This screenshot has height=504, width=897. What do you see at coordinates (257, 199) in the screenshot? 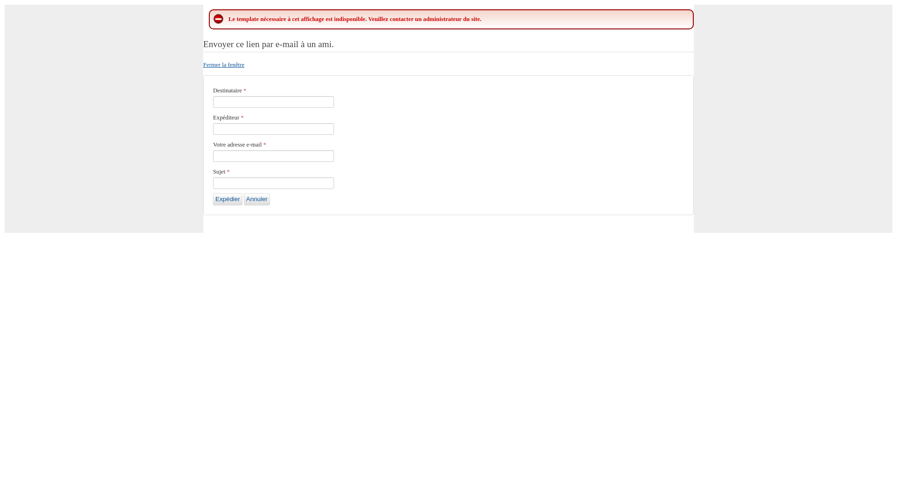
I see `'Annuler'` at bounding box center [257, 199].